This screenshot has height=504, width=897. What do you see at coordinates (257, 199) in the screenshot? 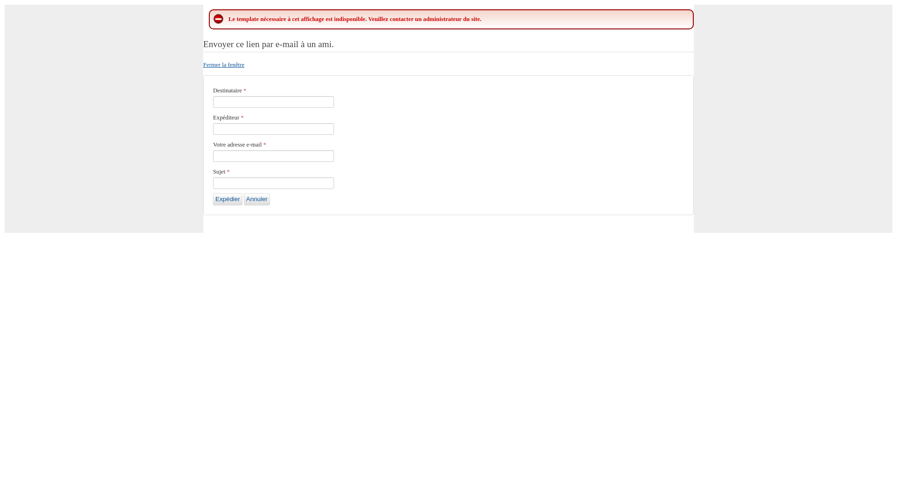
I see `'Annuler'` at bounding box center [257, 199].